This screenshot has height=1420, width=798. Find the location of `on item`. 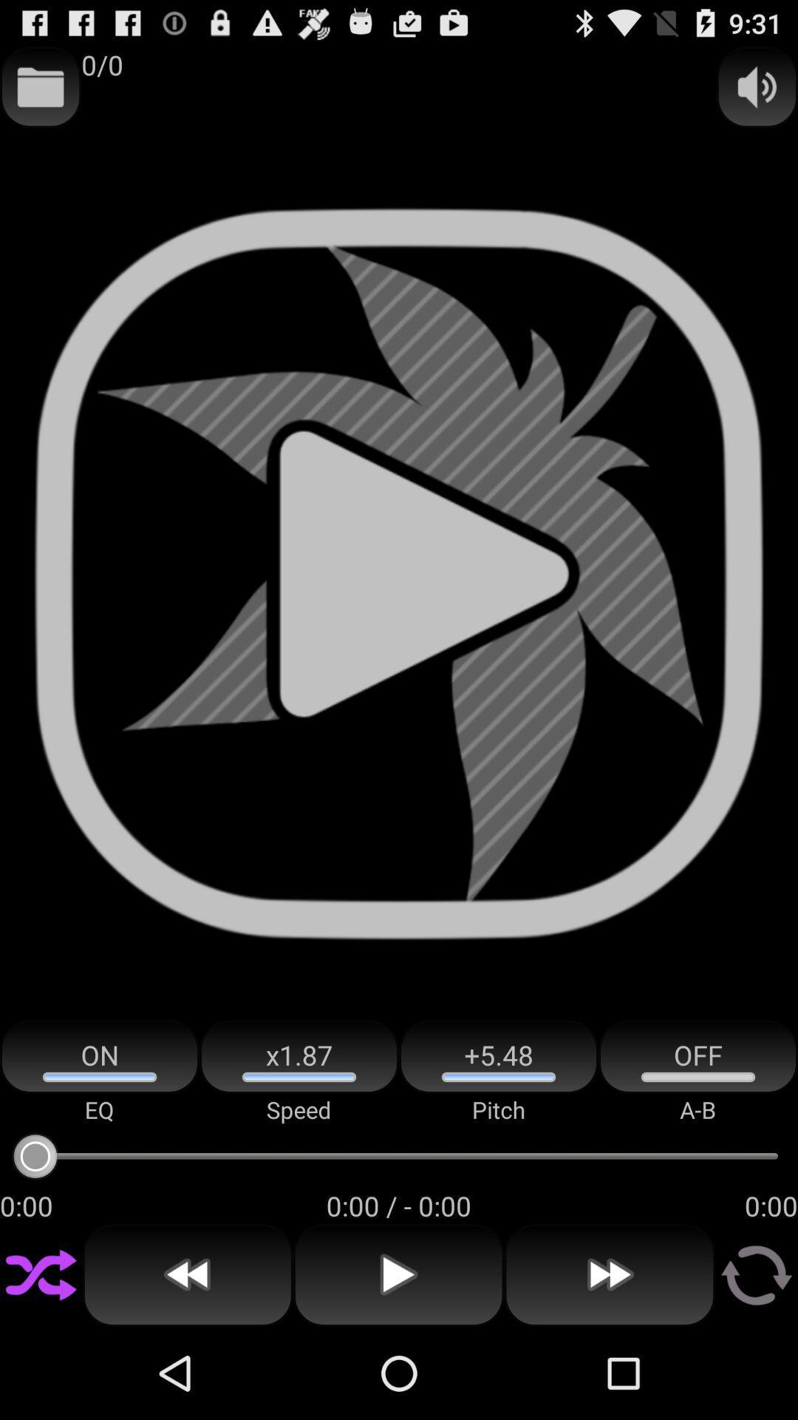

on item is located at coordinates (100, 1056).